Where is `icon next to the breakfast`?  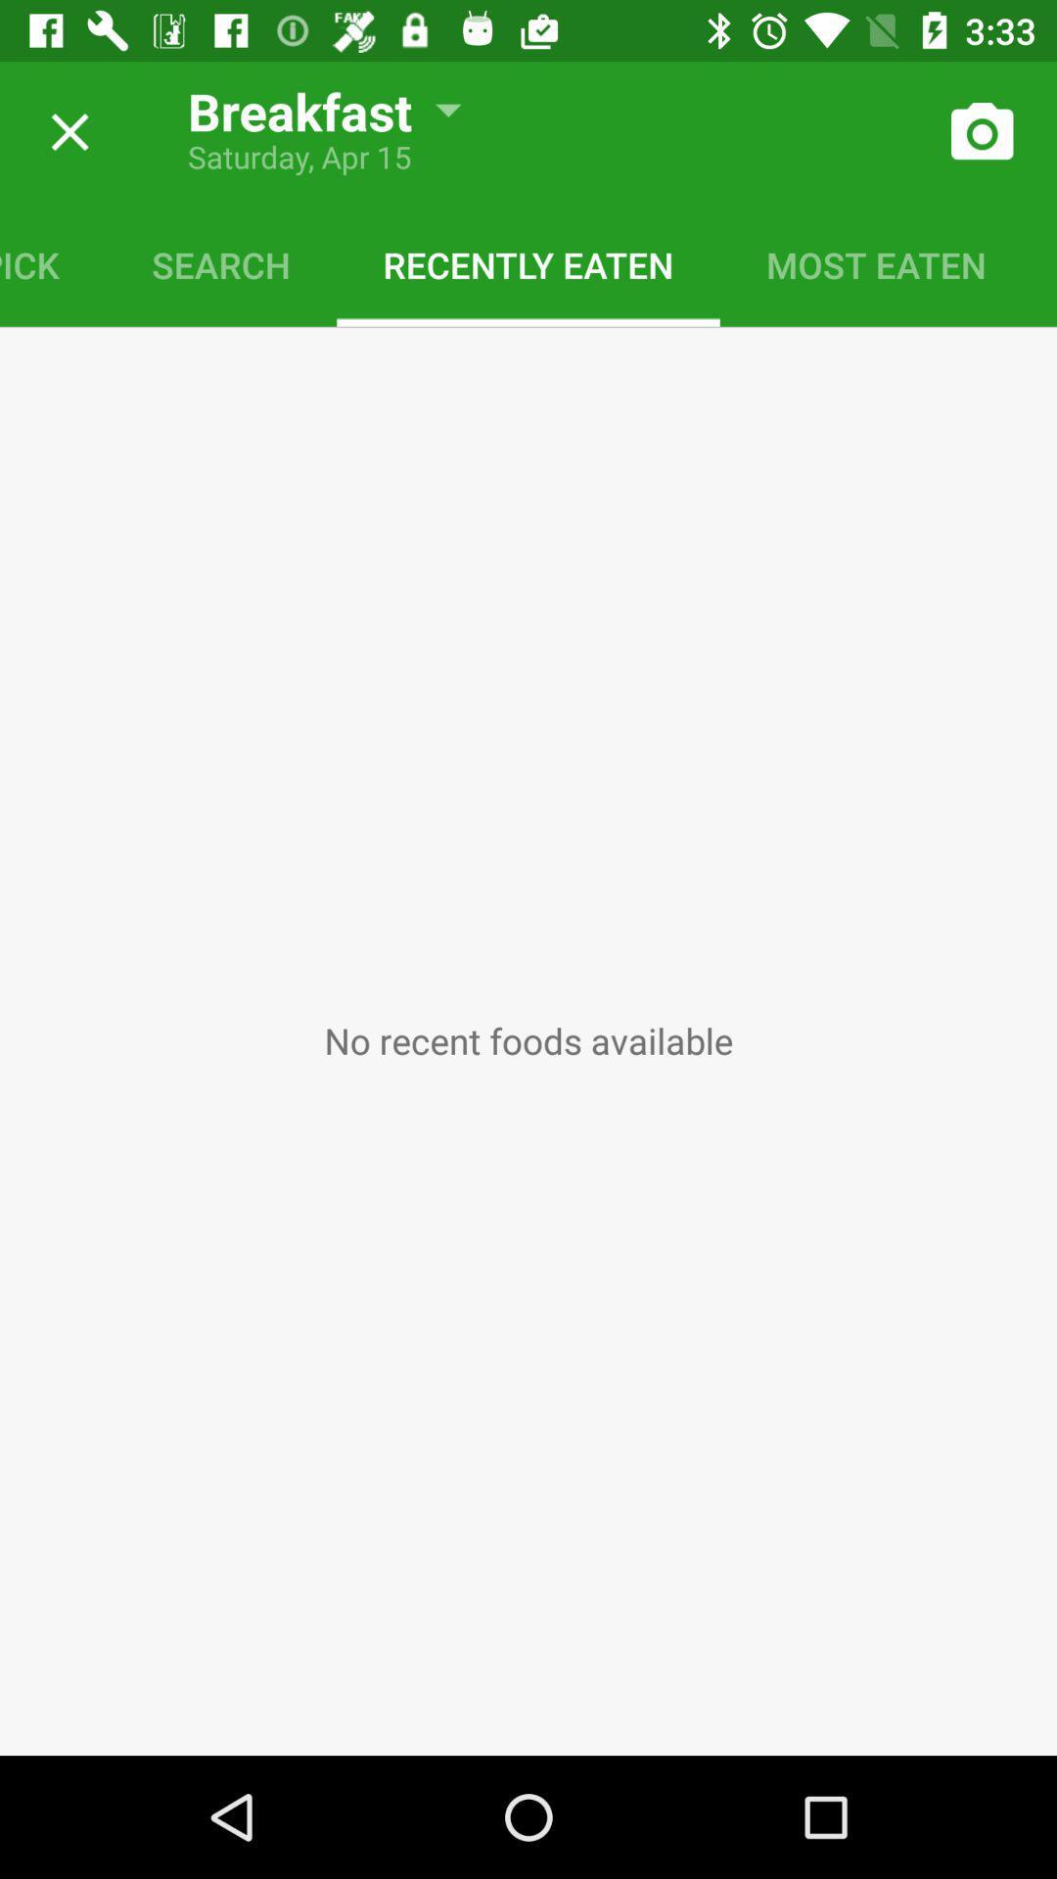
icon next to the breakfast is located at coordinates (62, 131).